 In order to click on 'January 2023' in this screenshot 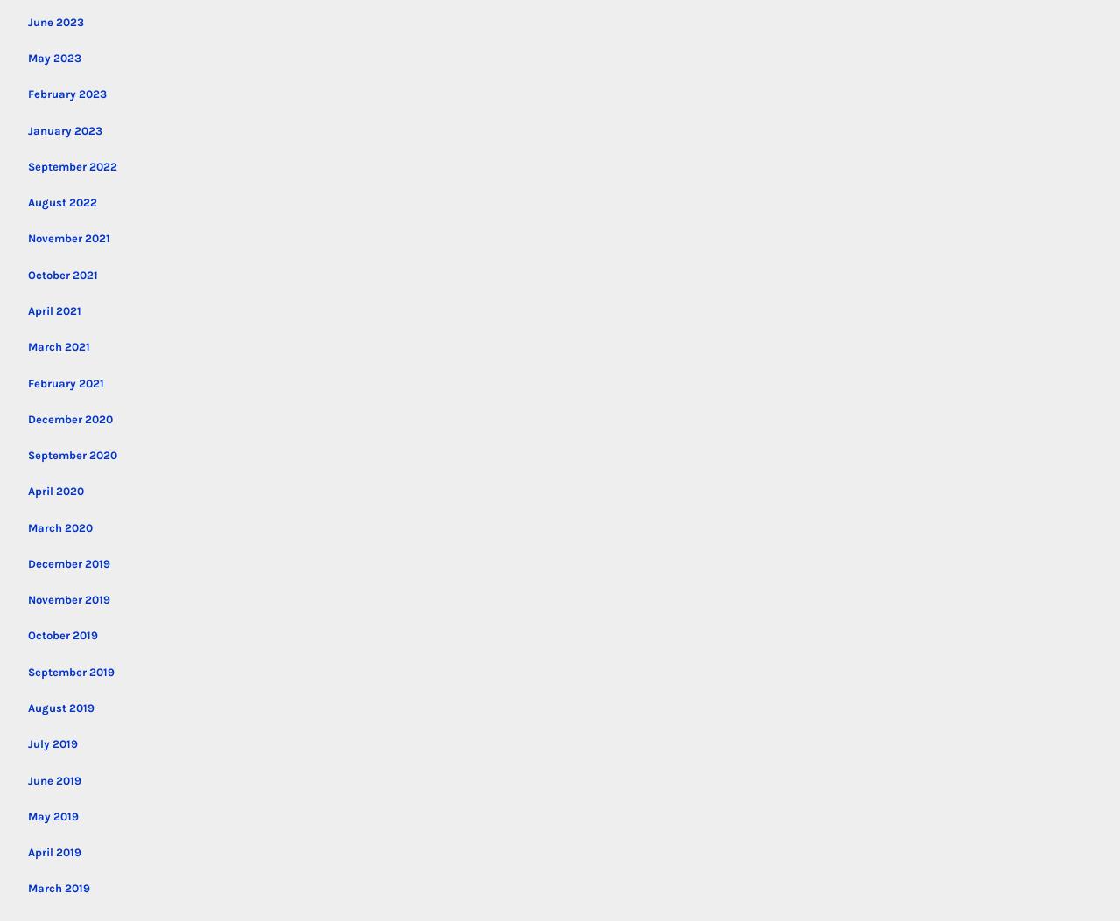, I will do `click(28, 129)`.